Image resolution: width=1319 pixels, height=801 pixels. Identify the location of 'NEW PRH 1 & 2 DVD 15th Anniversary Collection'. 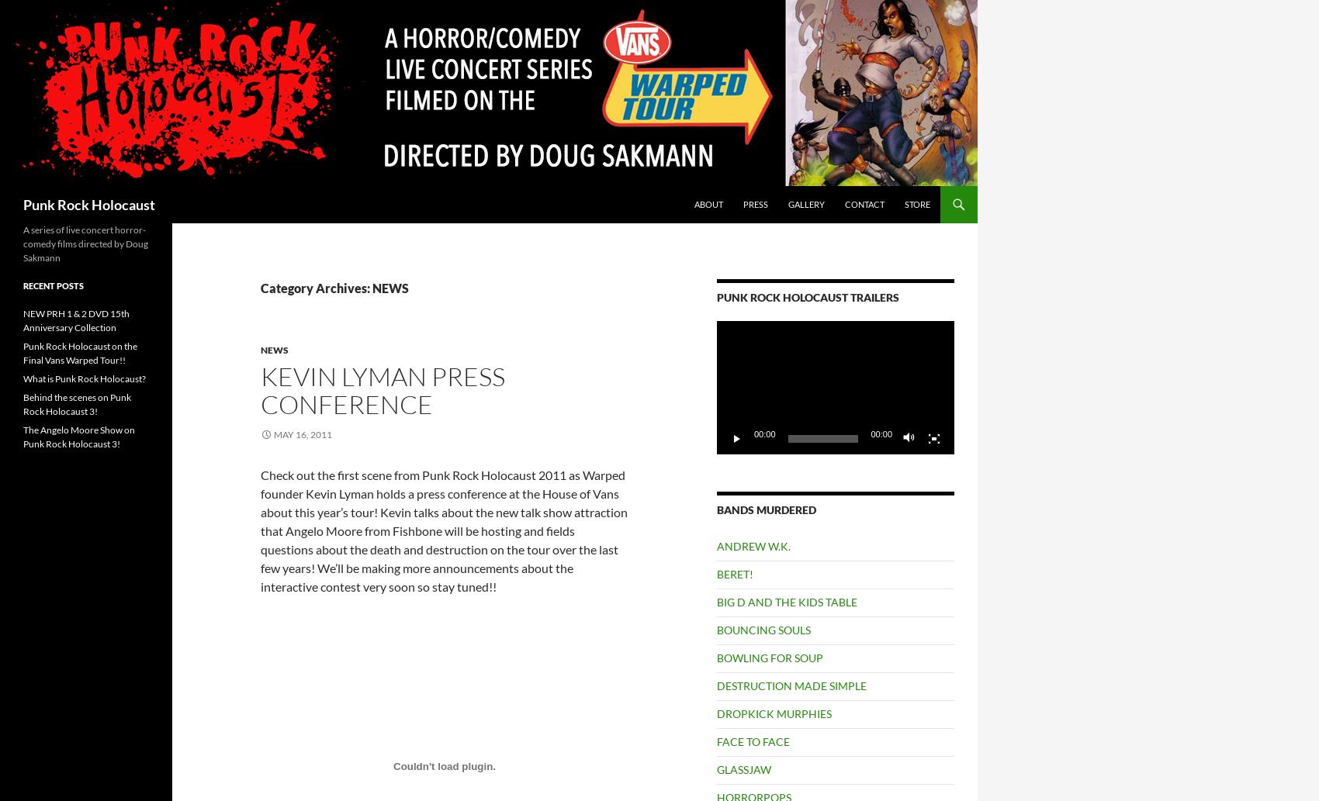
(76, 320).